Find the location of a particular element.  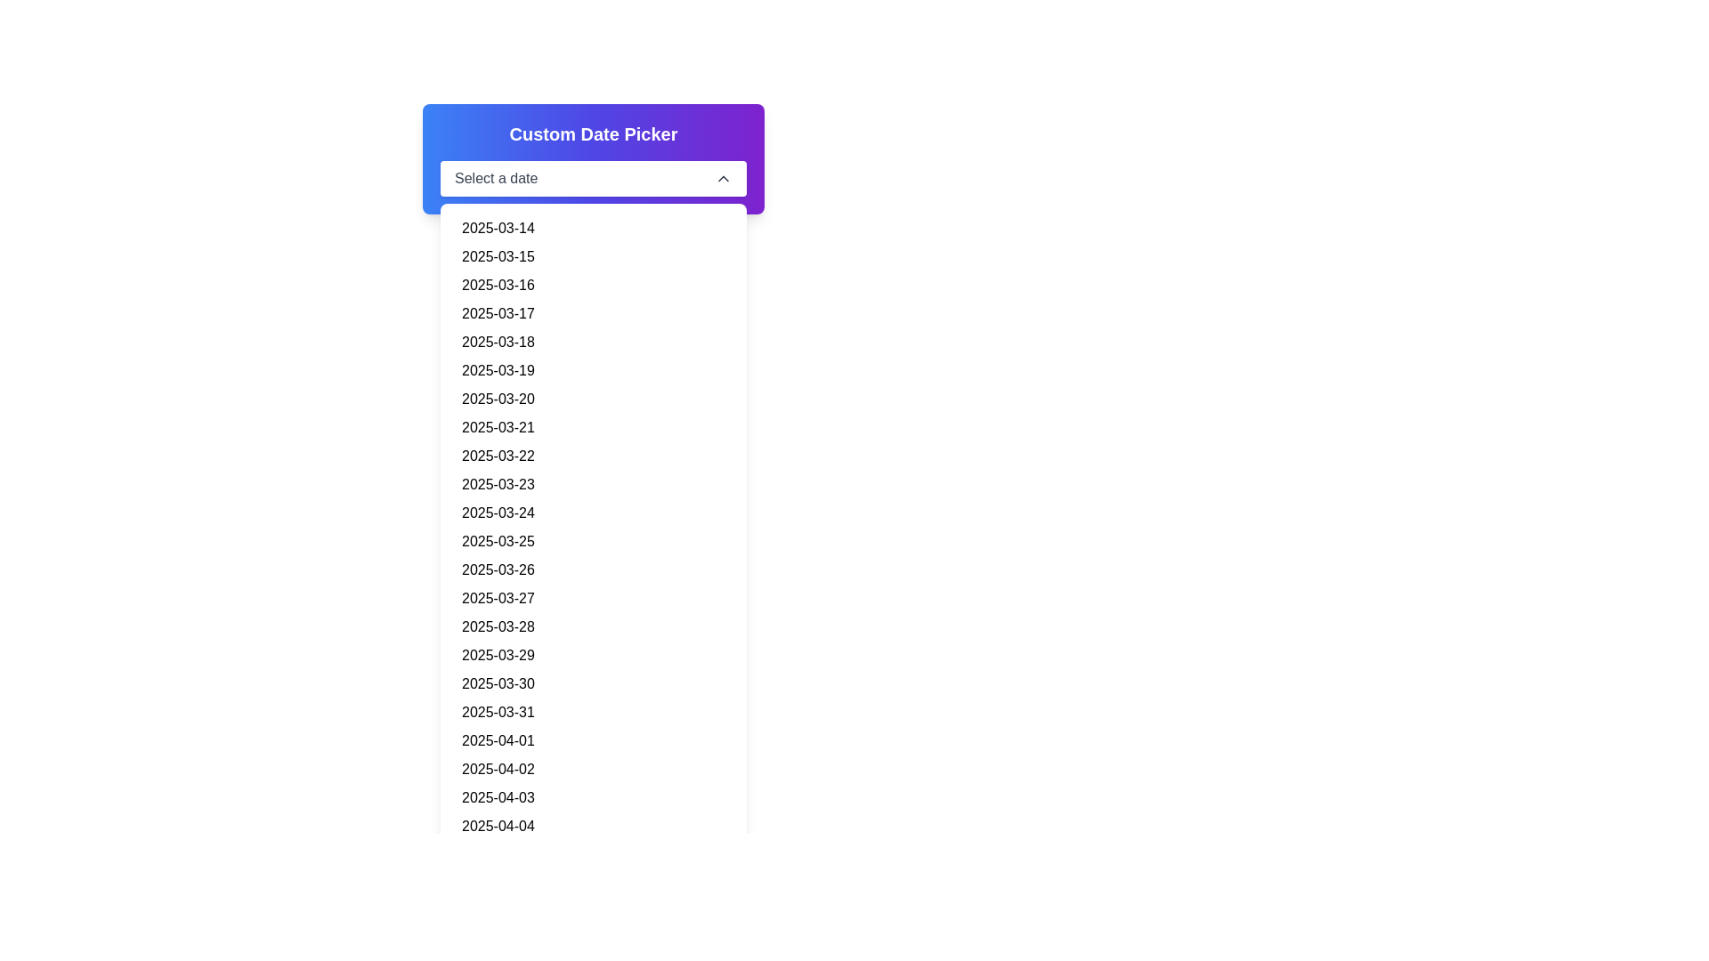

the clickable list item displaying the date '2025-03-25' is located at coordinates (594, 541).